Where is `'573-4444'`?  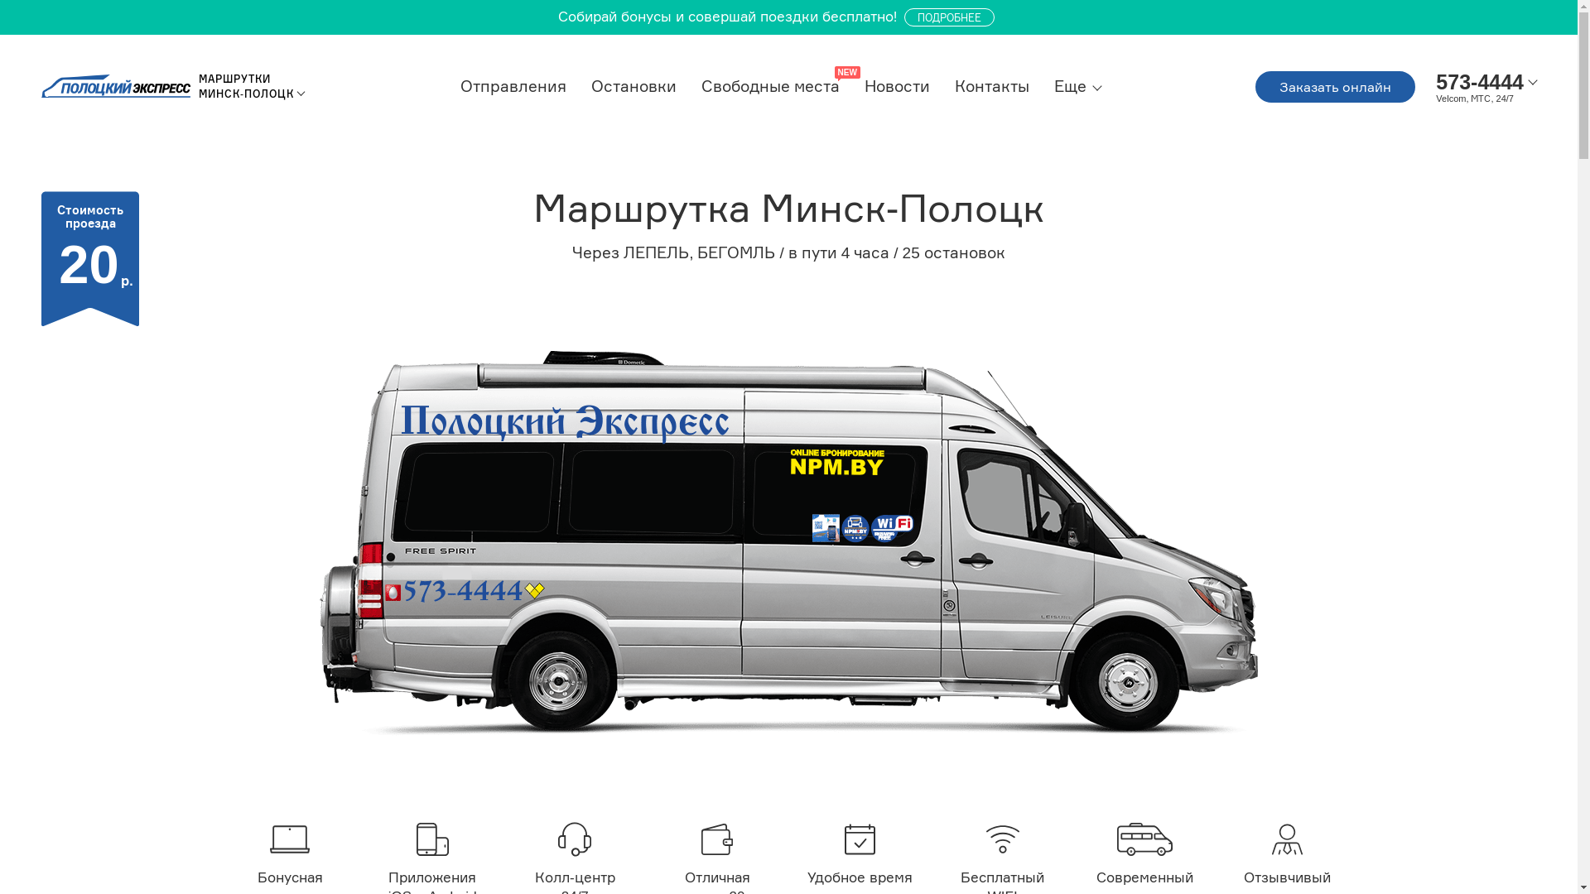
'573-4444' is located at coordinates (1479, 81).